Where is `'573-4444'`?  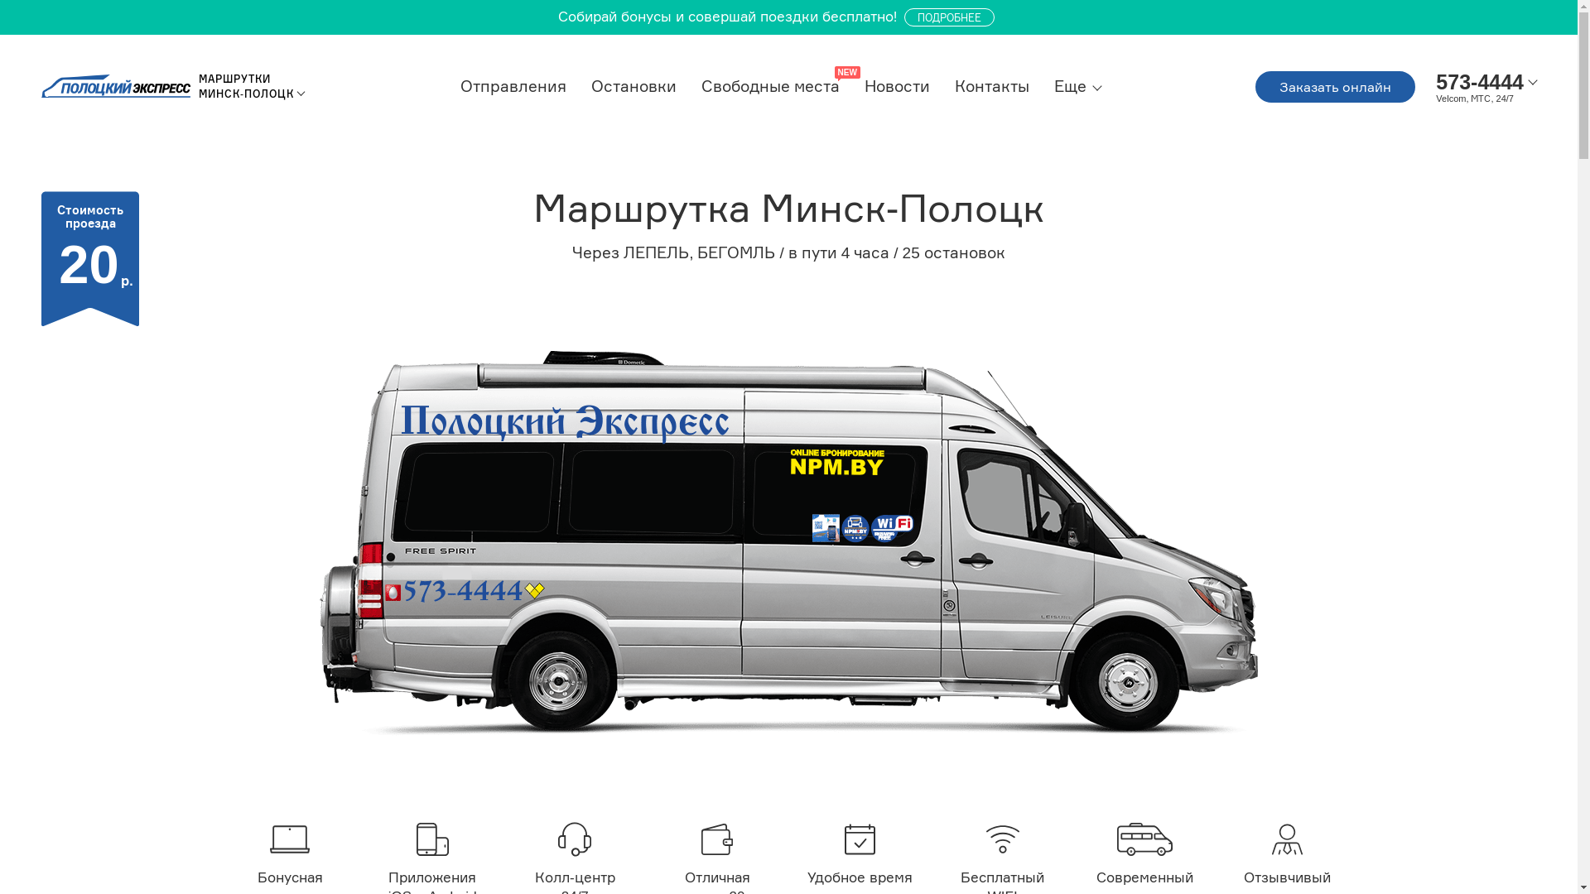
'573-4444' is located at coordinates (1479, 81).